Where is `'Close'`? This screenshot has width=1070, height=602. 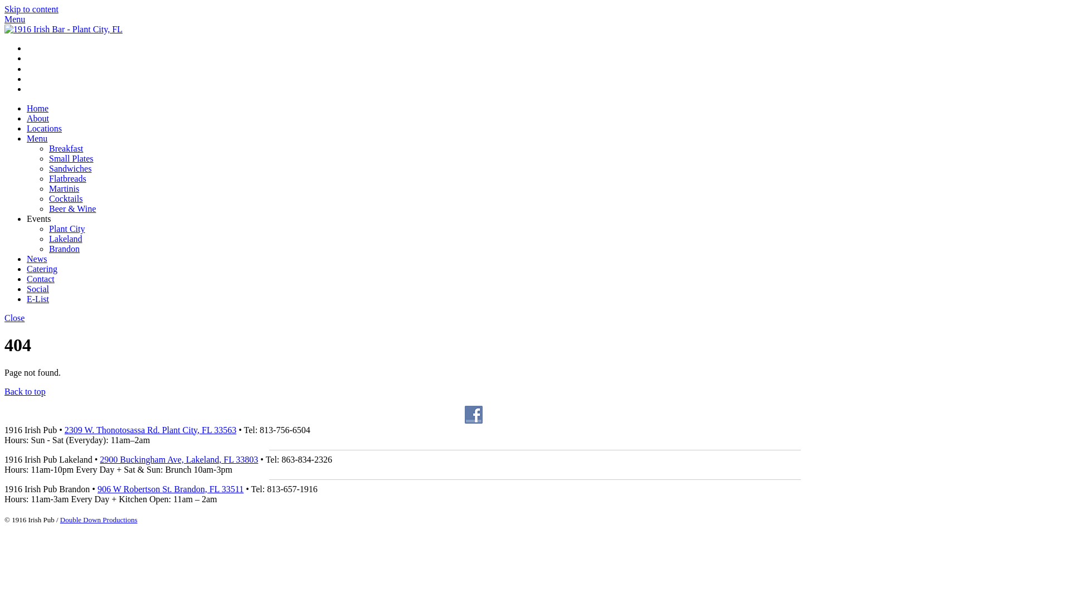
'Close' is located at coordinates (14, 318).